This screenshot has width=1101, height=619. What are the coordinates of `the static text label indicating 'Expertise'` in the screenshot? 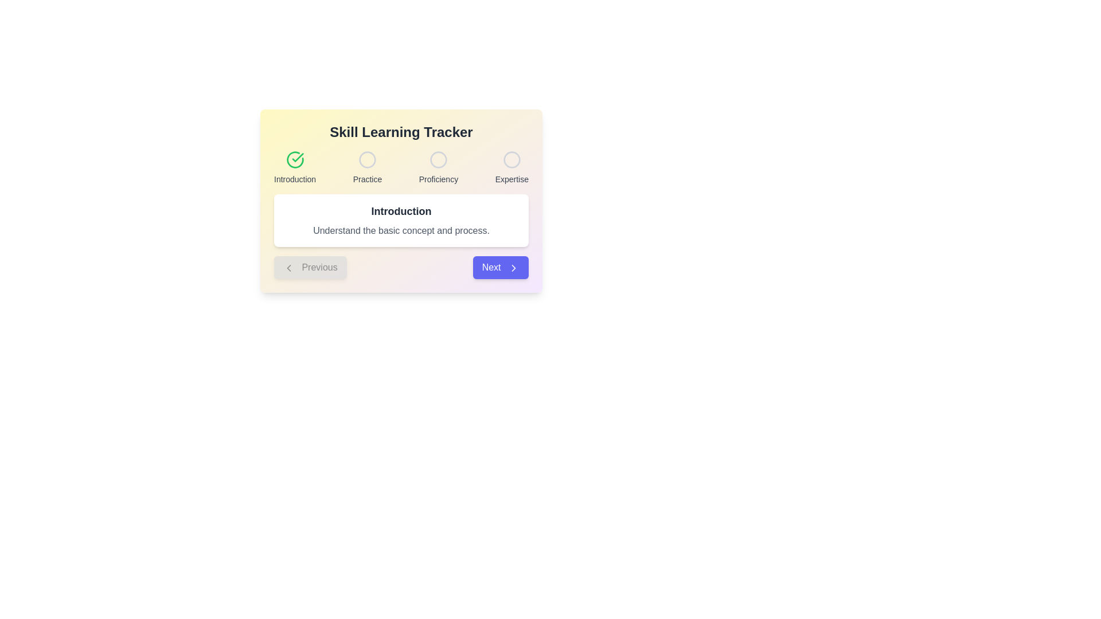 It's located at (511, 179).